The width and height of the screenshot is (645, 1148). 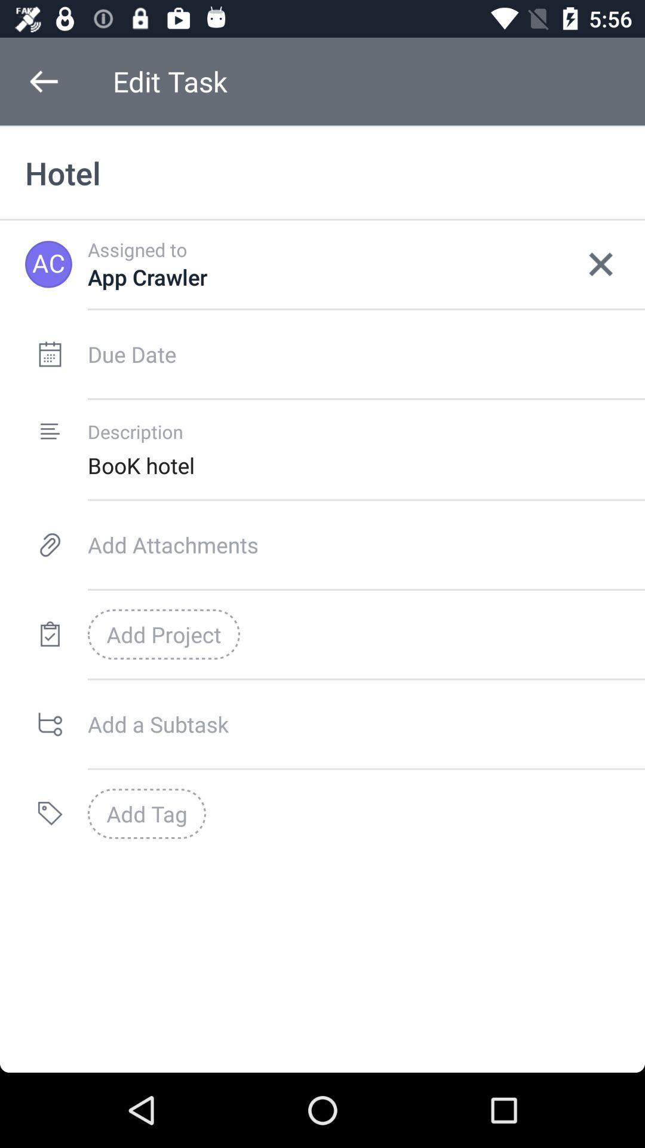 What do you see at coordinates (365, 723) in the screenshot?
I see `the icon above add tag icon` at bounding box center [365, 723].